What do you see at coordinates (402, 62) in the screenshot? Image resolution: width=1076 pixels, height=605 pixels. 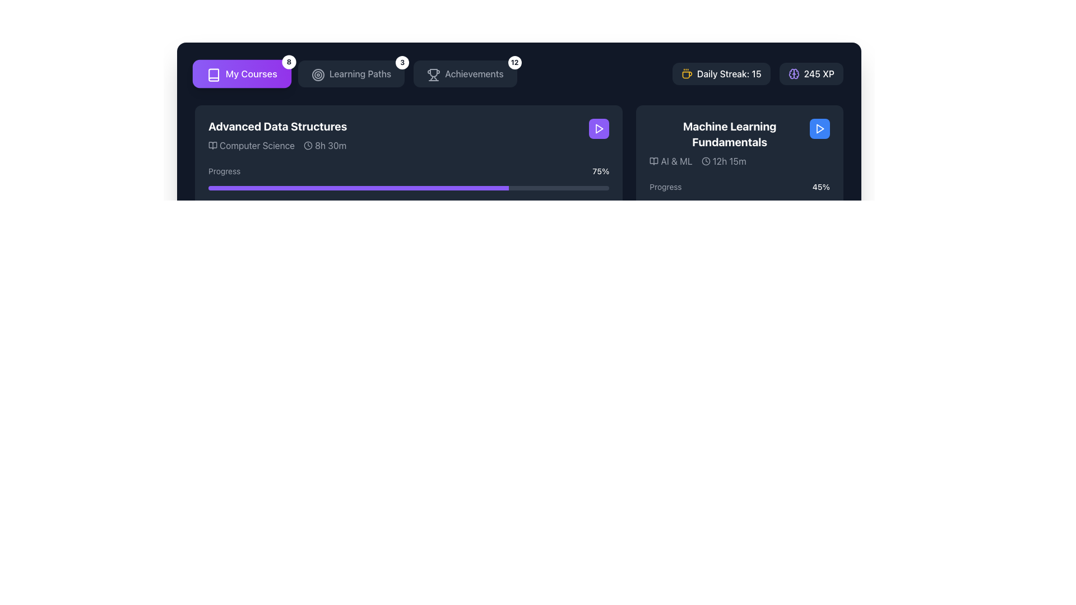 I see `the circular badge displaying the number '3' that overlays the top-right corner of the 'Learning Paths' button` at bounding box center [402, 62].